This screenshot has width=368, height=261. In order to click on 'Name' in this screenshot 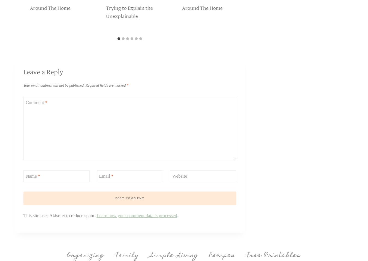, I will do `click(32, 176)`.